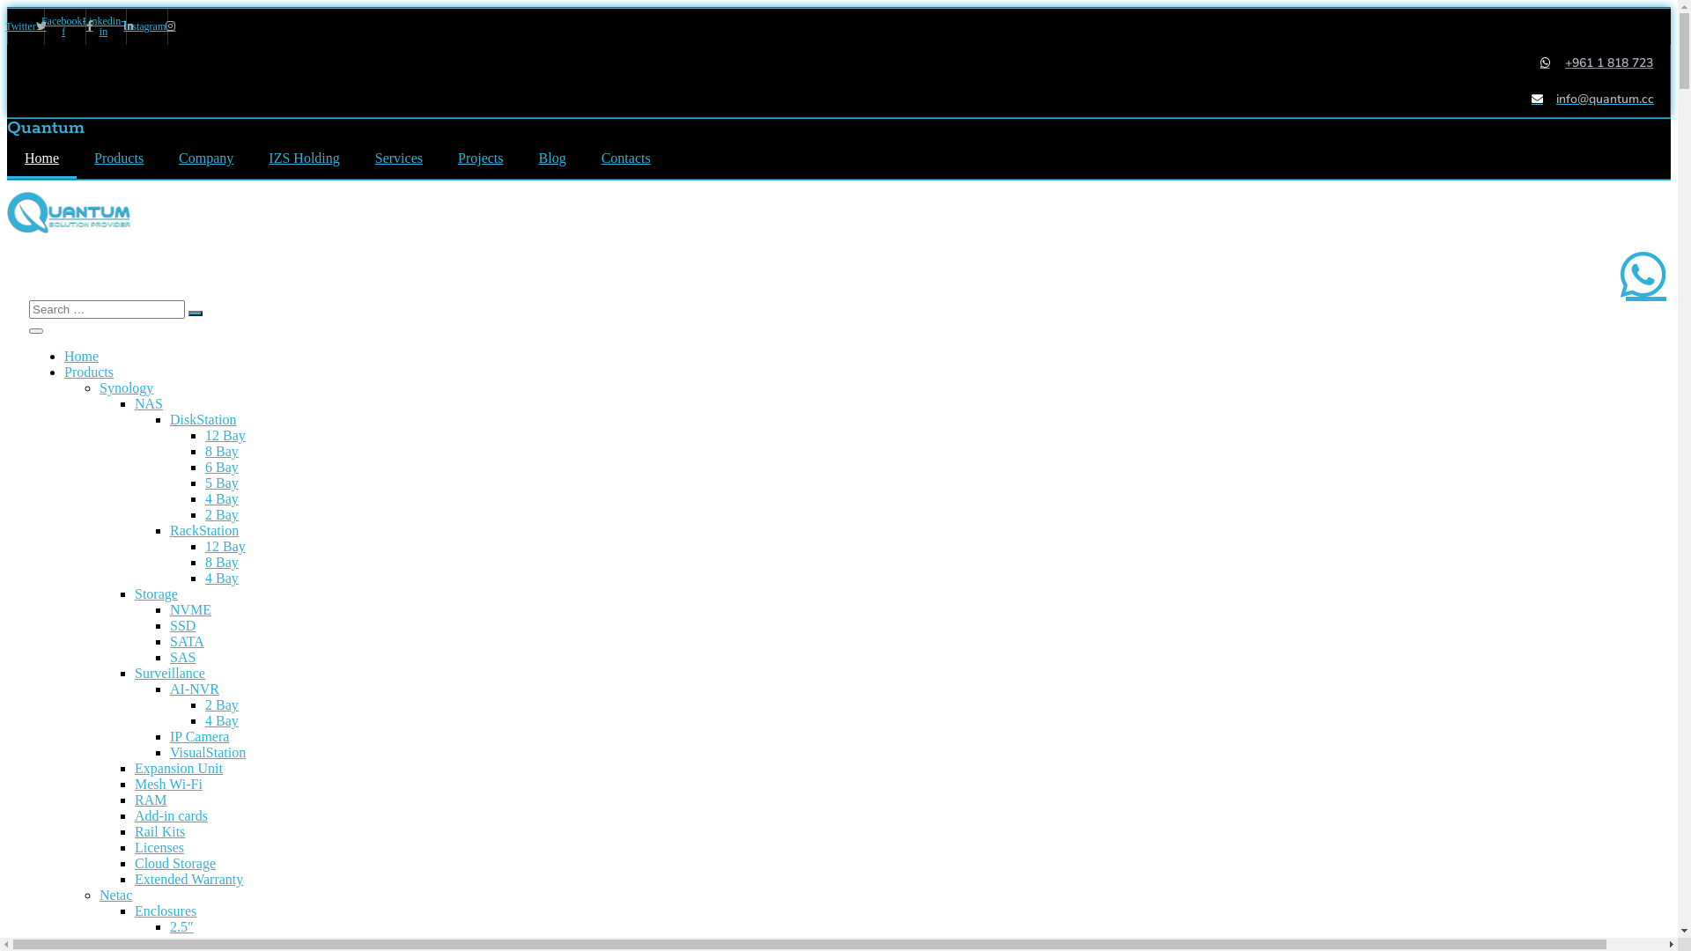 The width and height of the screenshot is (1691, 951). I want to click on 'IP Camera', so click(169, 736).